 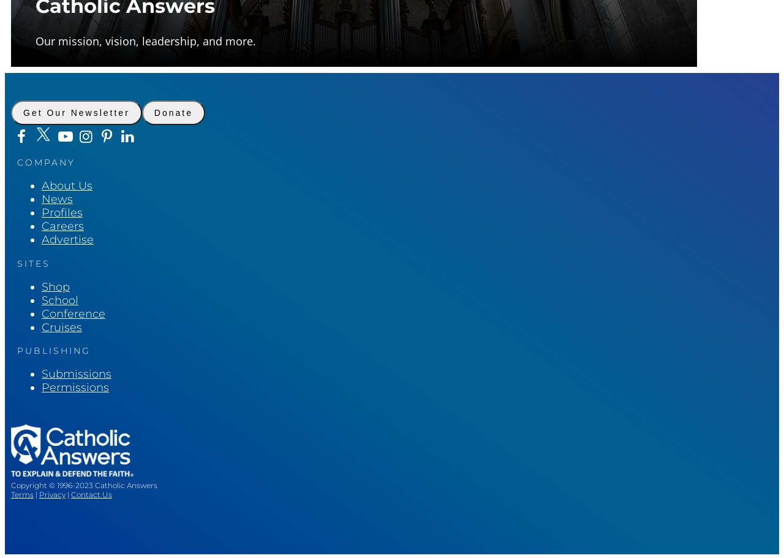 What do you see at coordinates (62, 226) in the screenshot?
I see `'Careers'` at bounding box center [62, 226].